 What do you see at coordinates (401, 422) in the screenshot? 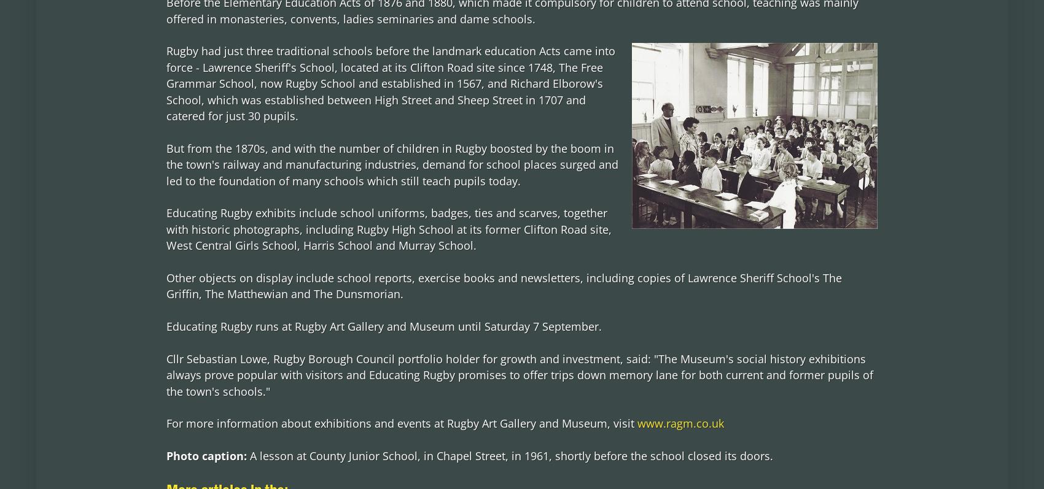
I see `'For more information about exhibitions and events at Rugby Art Gallery and Museum, visit'` at bounding box center [401, 422].